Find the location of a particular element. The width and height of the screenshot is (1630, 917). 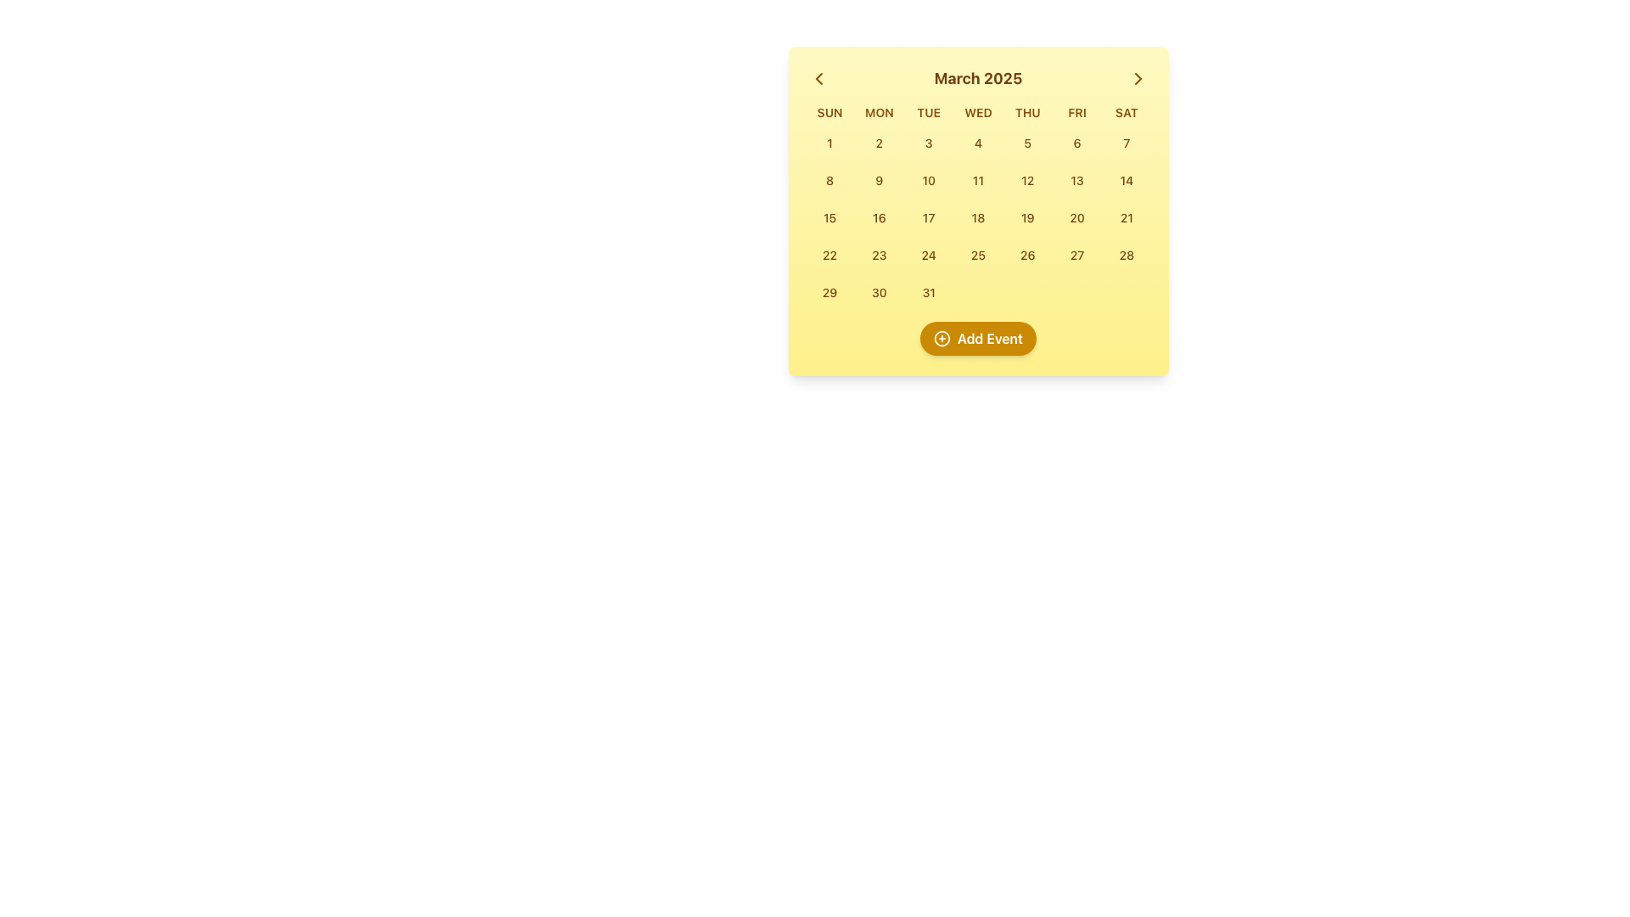

the calendar date cell representing March 31st, which is styled with a light yellow background and displays the number '31' in brown font is located at coordinates (928, 291).